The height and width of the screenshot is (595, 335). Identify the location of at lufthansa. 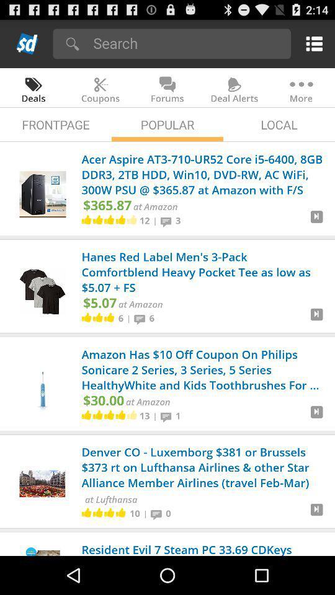
(110, 499).